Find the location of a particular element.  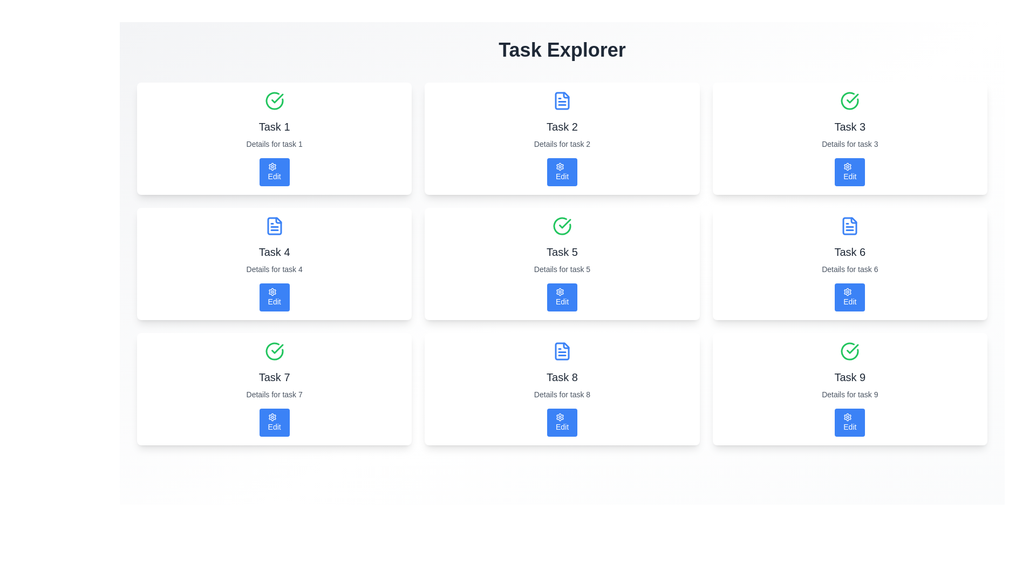

the graphical icon located in the top-left card of the grid layout, which indicates that the associated task has been completed or verified is located at coordinates (274, 100).